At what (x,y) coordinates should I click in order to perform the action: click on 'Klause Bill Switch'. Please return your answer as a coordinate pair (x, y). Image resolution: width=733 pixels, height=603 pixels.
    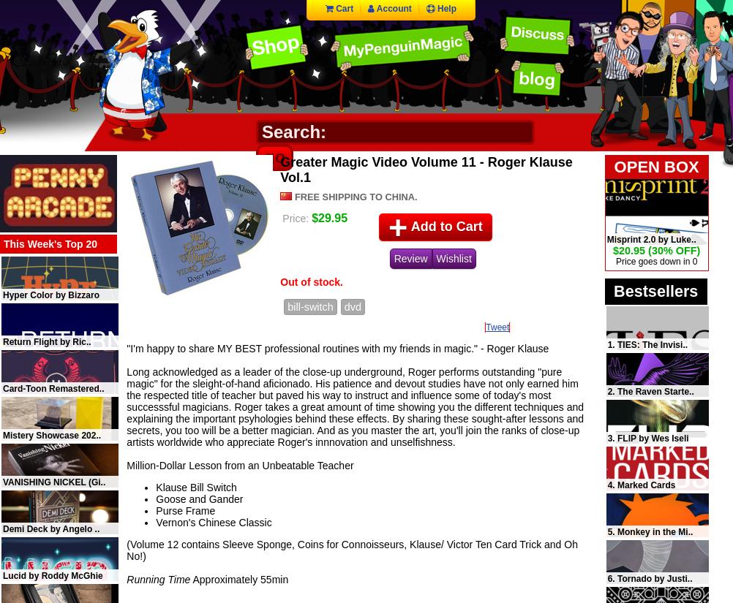
    Looking at the image, I should click on (195, 486).